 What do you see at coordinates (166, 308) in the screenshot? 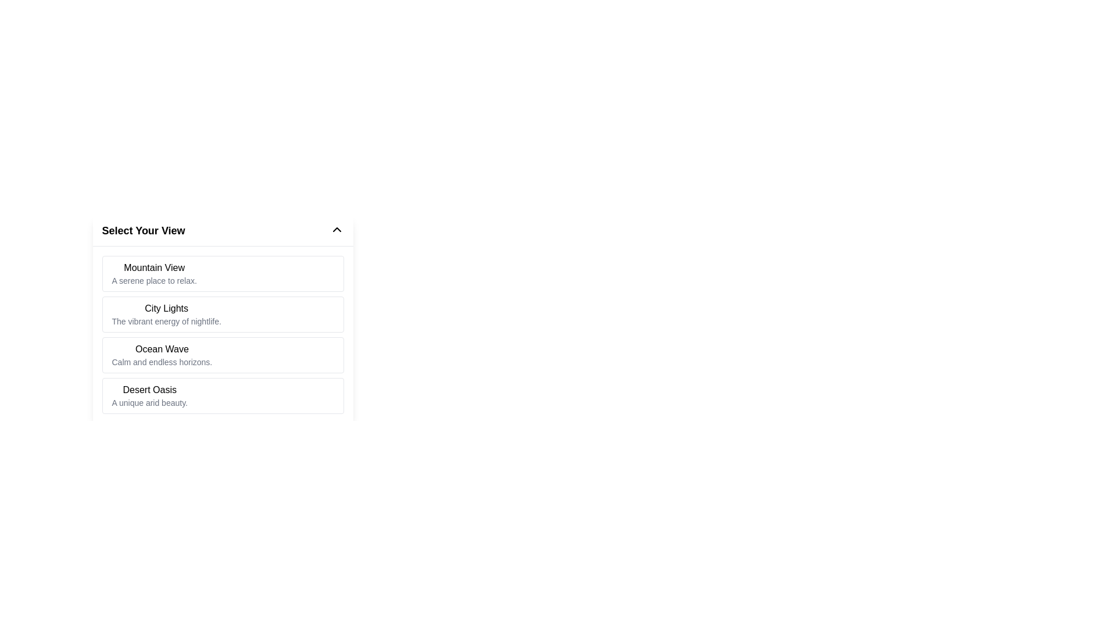
I see `the 'City Lights' text label, which is the second main text entry in the list, visually emphasized and bold, positioned between 'Select Your View' and 'The vibrant energy of nightlife'` at bounding box center [166, 308].